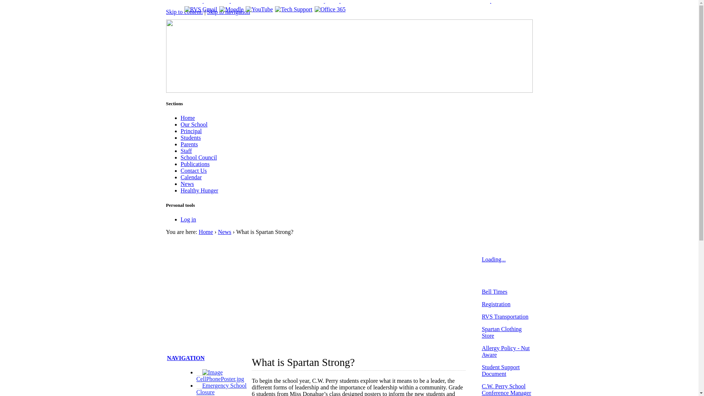  Describe the element at coordinates (501, 332) in the screenshot. I see `'Spartan Clothing Store'` at that location.